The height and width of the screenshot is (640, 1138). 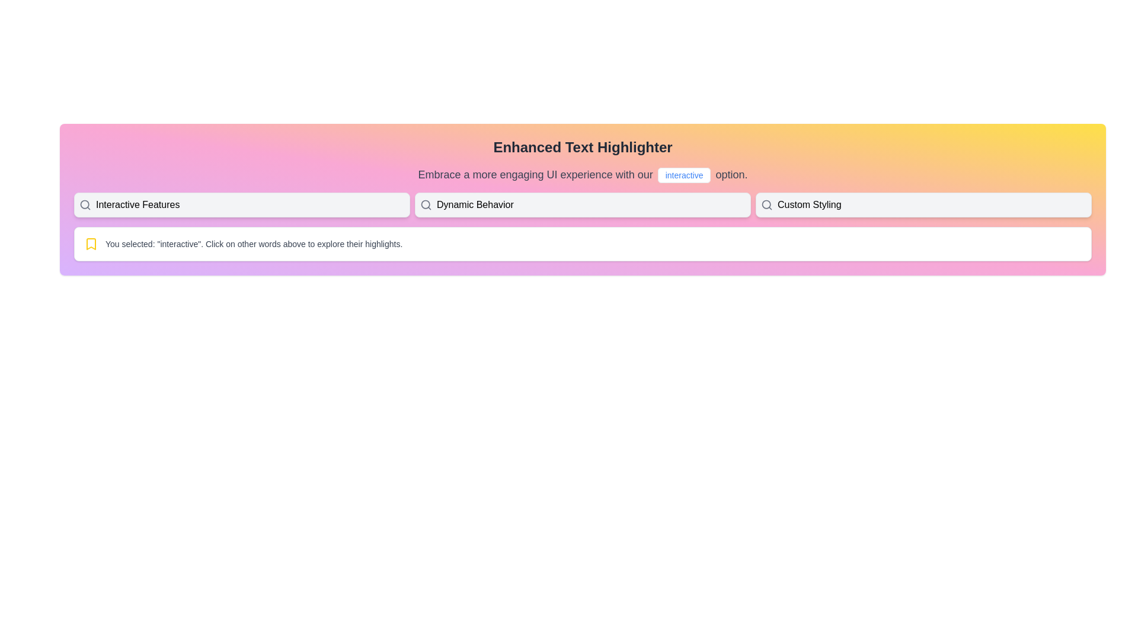 What do you see at coordinates (426, 204) in the screenshot?
I see `the search icon representing 'Dynamic Behavior' for accessibility by moving the mouse cursor to it` at bounding box center [426, 204].